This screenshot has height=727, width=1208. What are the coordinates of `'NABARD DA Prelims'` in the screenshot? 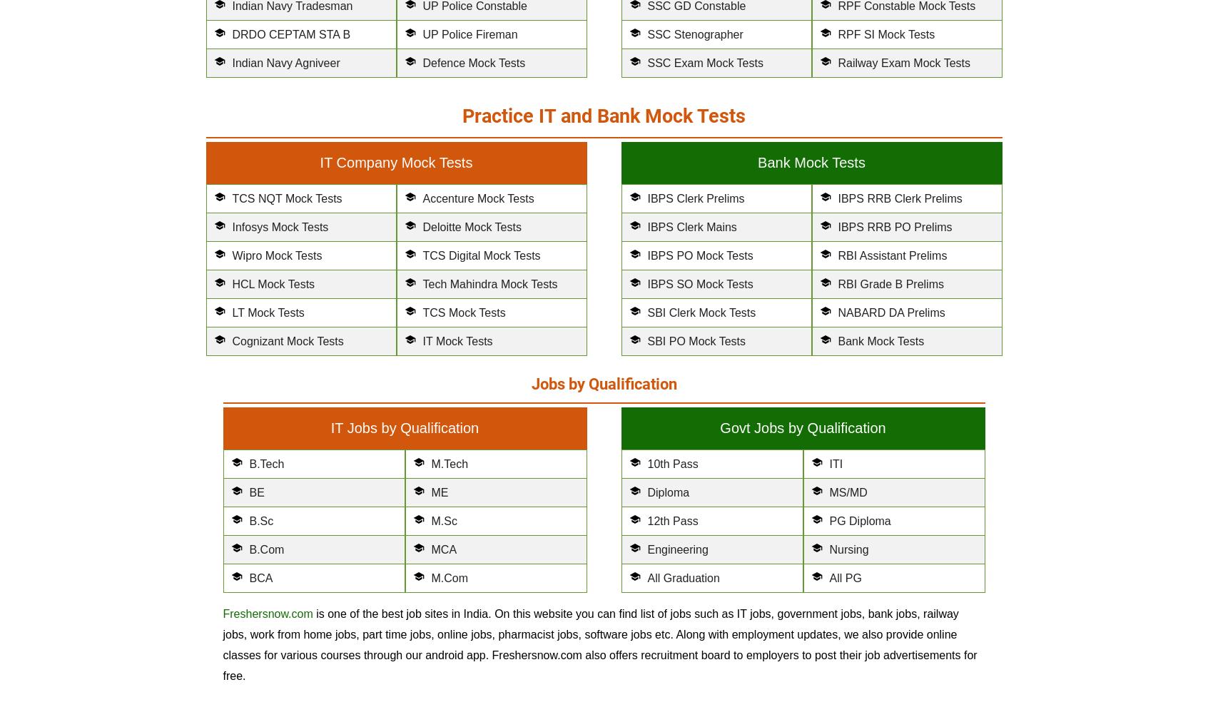 It's located at (836, 312).